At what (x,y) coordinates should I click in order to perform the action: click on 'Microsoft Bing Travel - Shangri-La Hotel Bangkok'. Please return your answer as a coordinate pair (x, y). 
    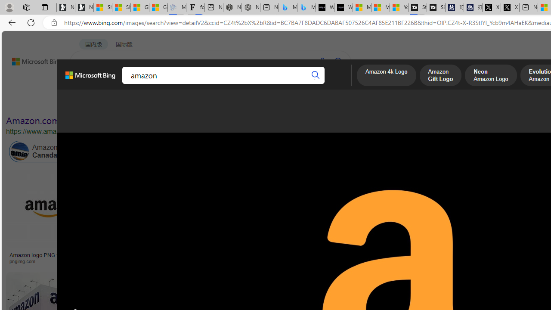
    Looking at the image, I should click on (306, 7).